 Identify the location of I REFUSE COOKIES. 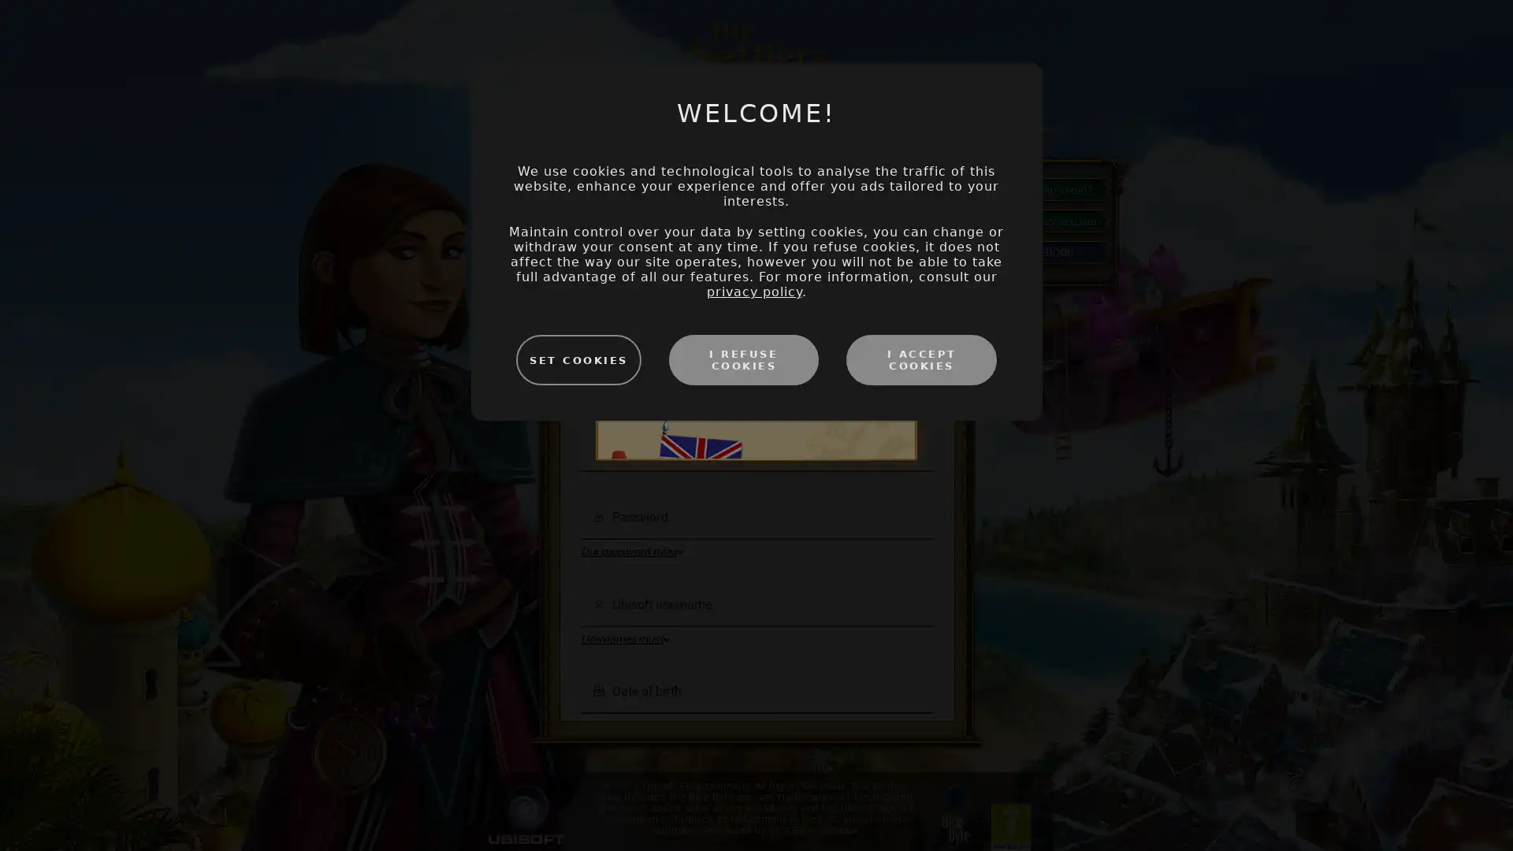
(742, 359).